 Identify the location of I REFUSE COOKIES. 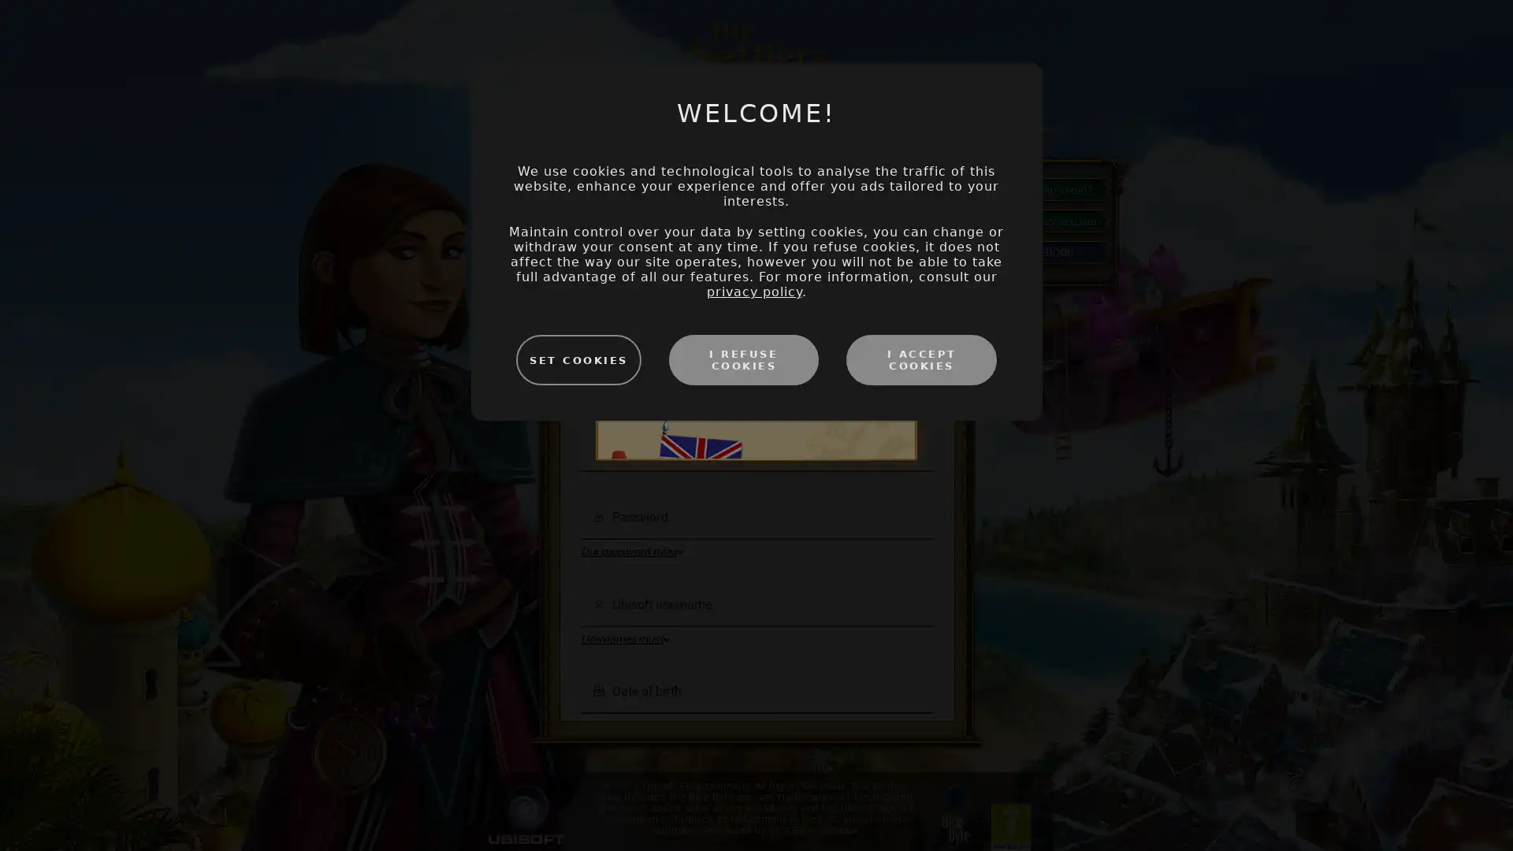
(742, 359).